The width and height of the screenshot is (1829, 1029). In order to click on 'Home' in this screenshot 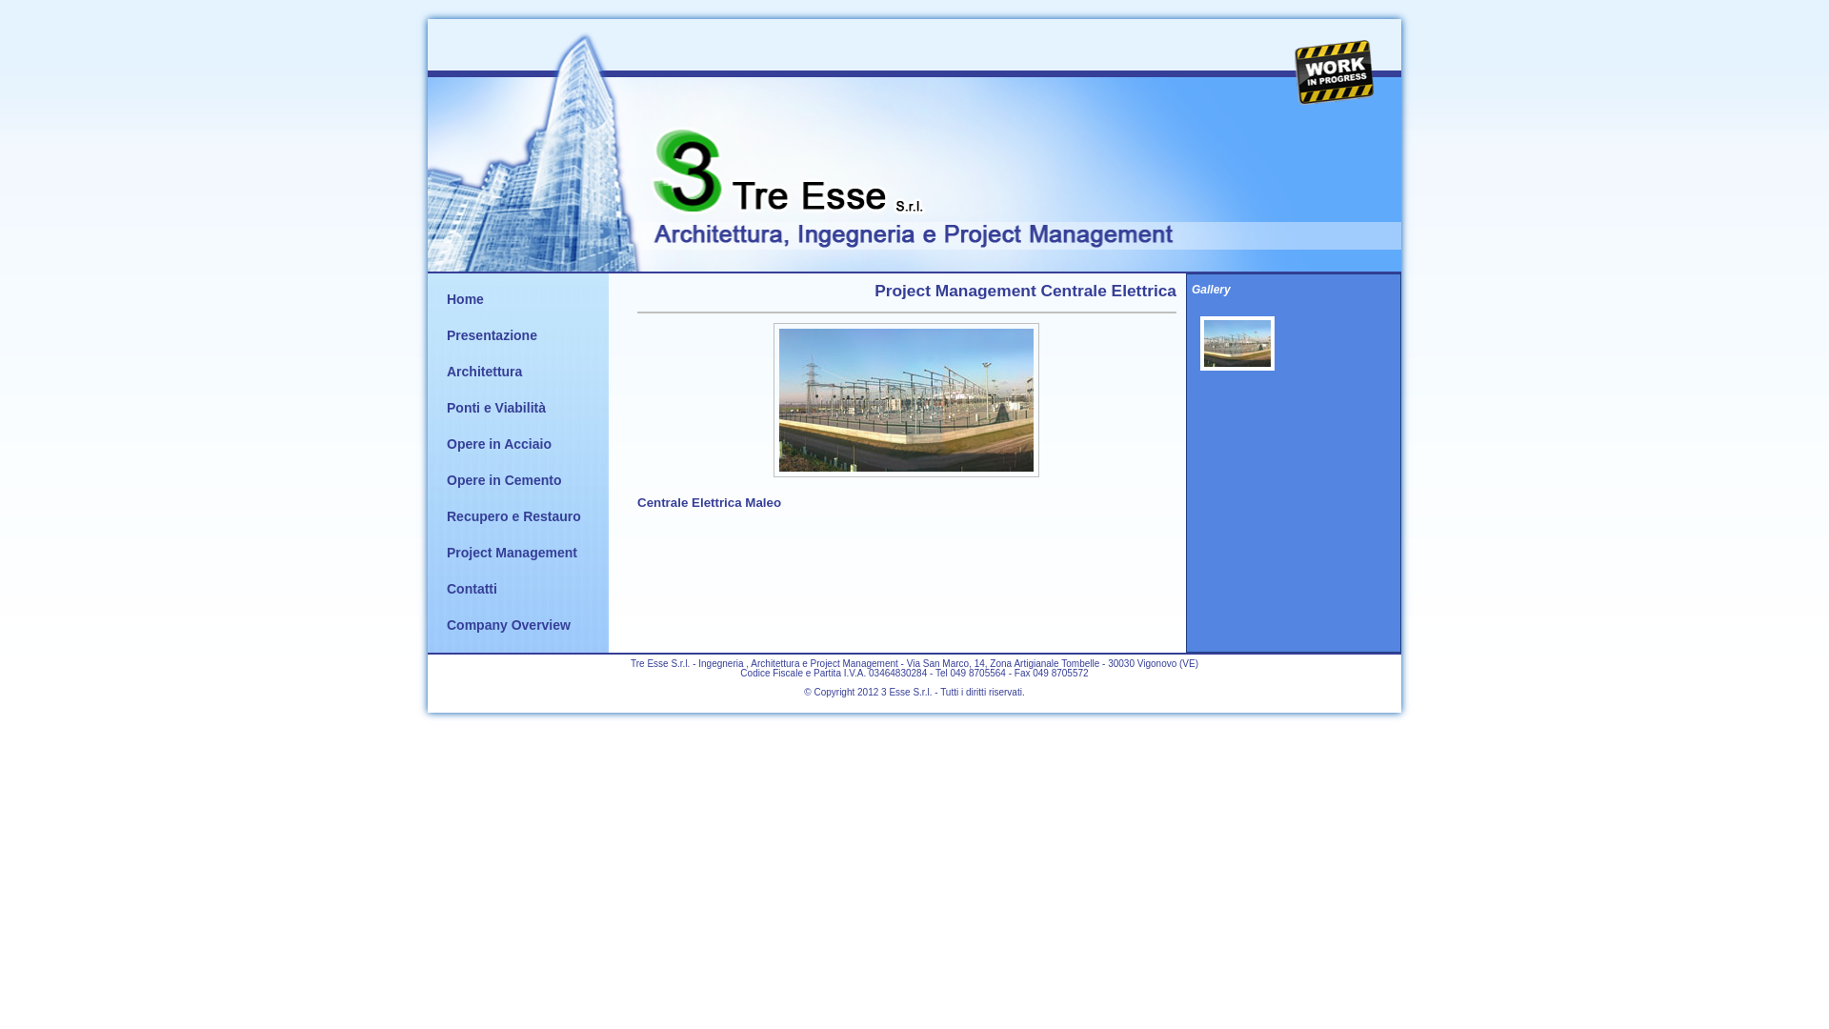, I will do `click(446, 298)`.